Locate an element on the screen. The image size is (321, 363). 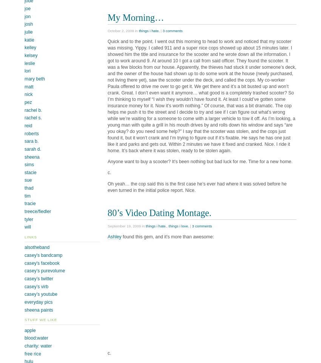
'sheena' is located at coordinates (32, 156).